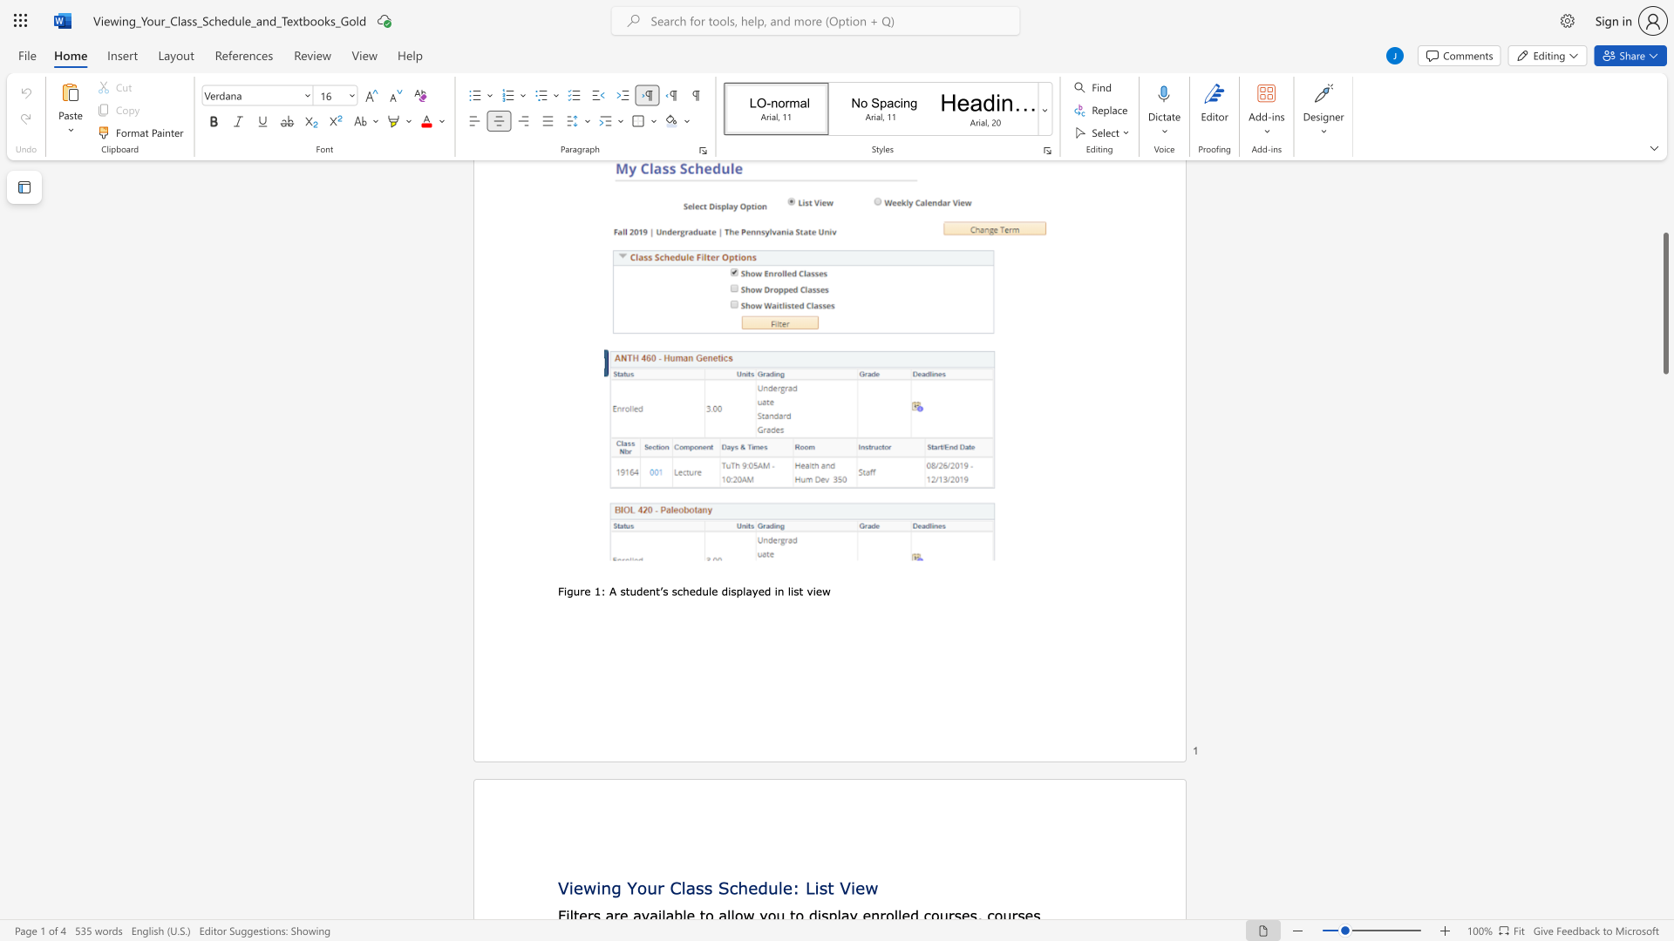 This screenshot has height=941, width=1674. I want to click on the scrollbar and move down 1410 pixels, so click(1664, 302).